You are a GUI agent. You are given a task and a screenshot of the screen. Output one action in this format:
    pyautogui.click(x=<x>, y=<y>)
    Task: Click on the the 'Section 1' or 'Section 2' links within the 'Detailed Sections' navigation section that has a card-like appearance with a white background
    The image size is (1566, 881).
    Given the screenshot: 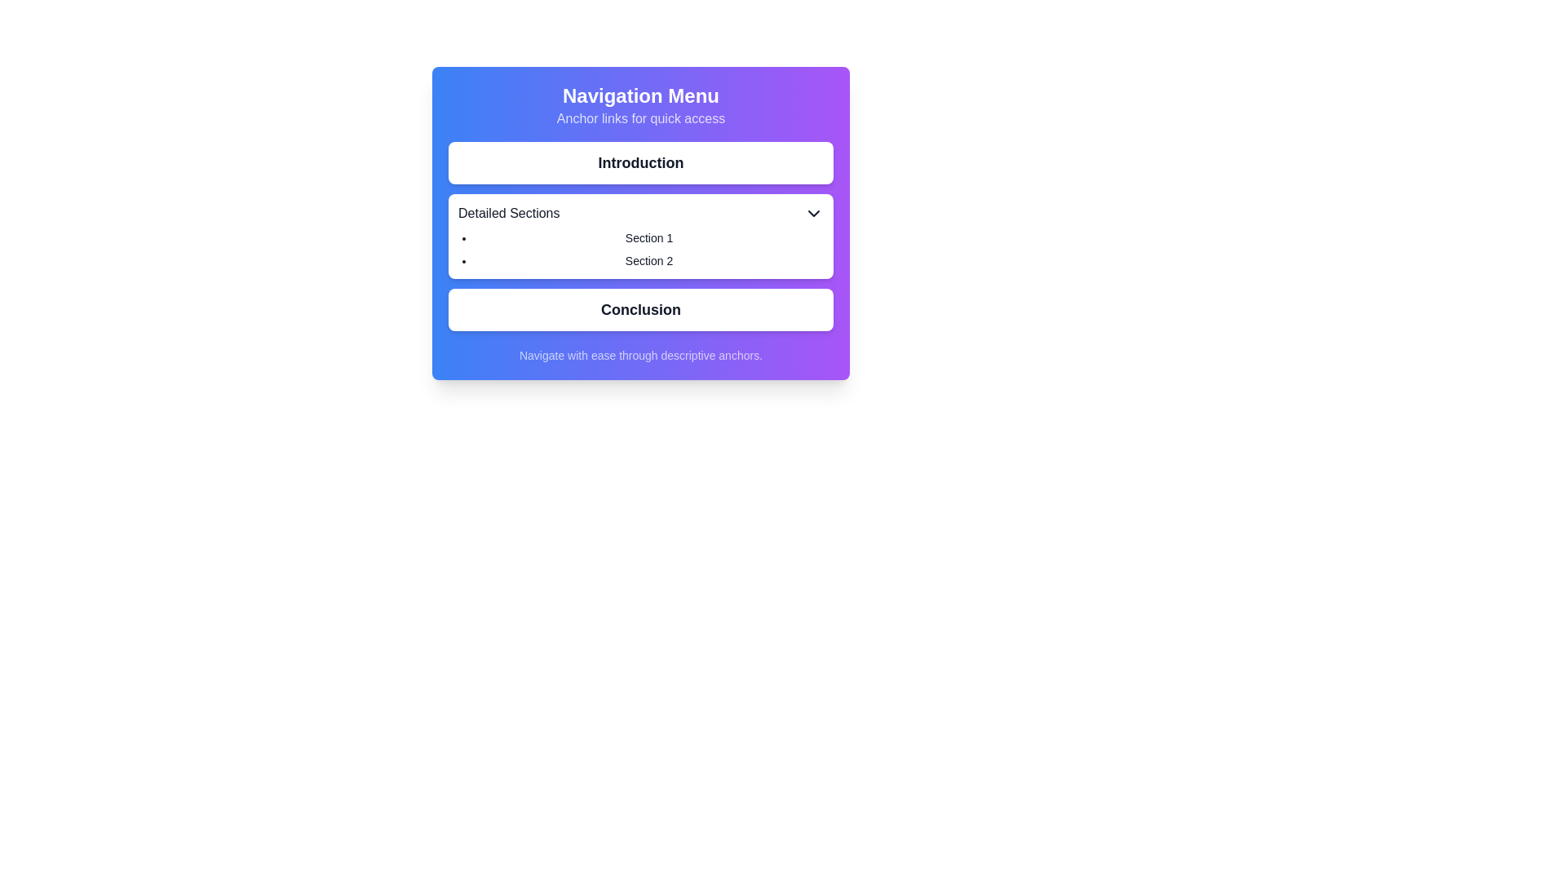 What is the action you would take?
    pyautogui.click(x=640, y=236)
    